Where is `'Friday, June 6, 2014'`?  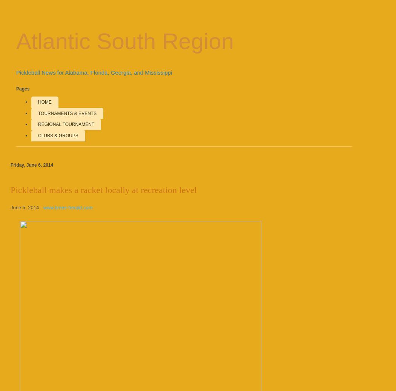
'Friday, June 6, 2014' is located at coordinates (11, 164).